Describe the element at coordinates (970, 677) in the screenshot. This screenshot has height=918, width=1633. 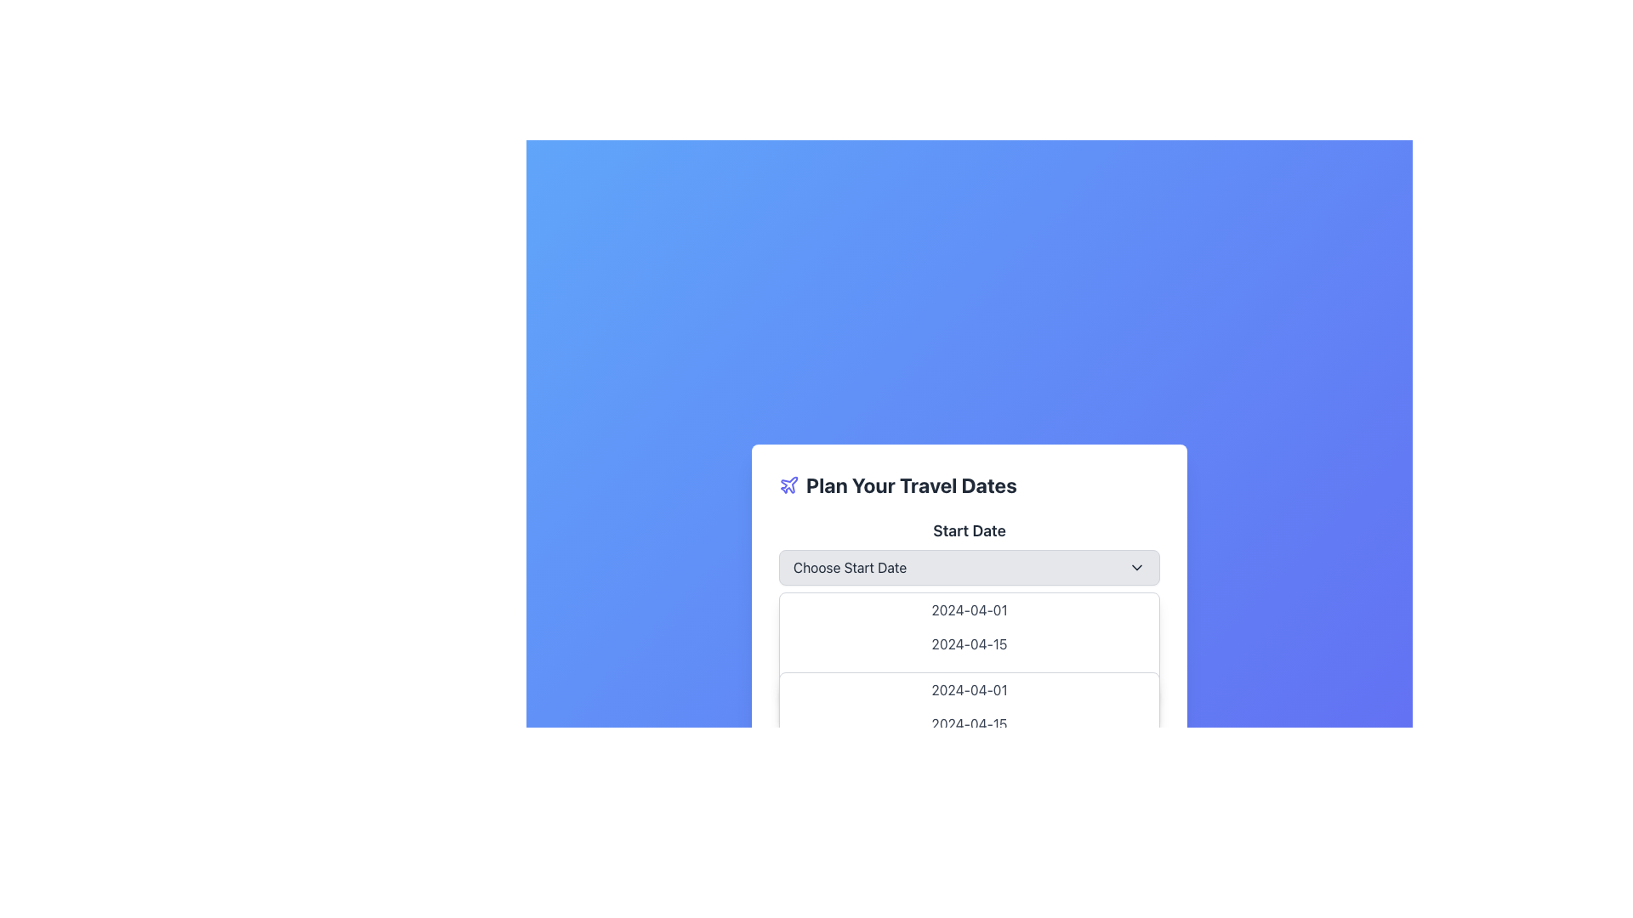
I see `the list item displaying the date '2024-05-01'` at that location.